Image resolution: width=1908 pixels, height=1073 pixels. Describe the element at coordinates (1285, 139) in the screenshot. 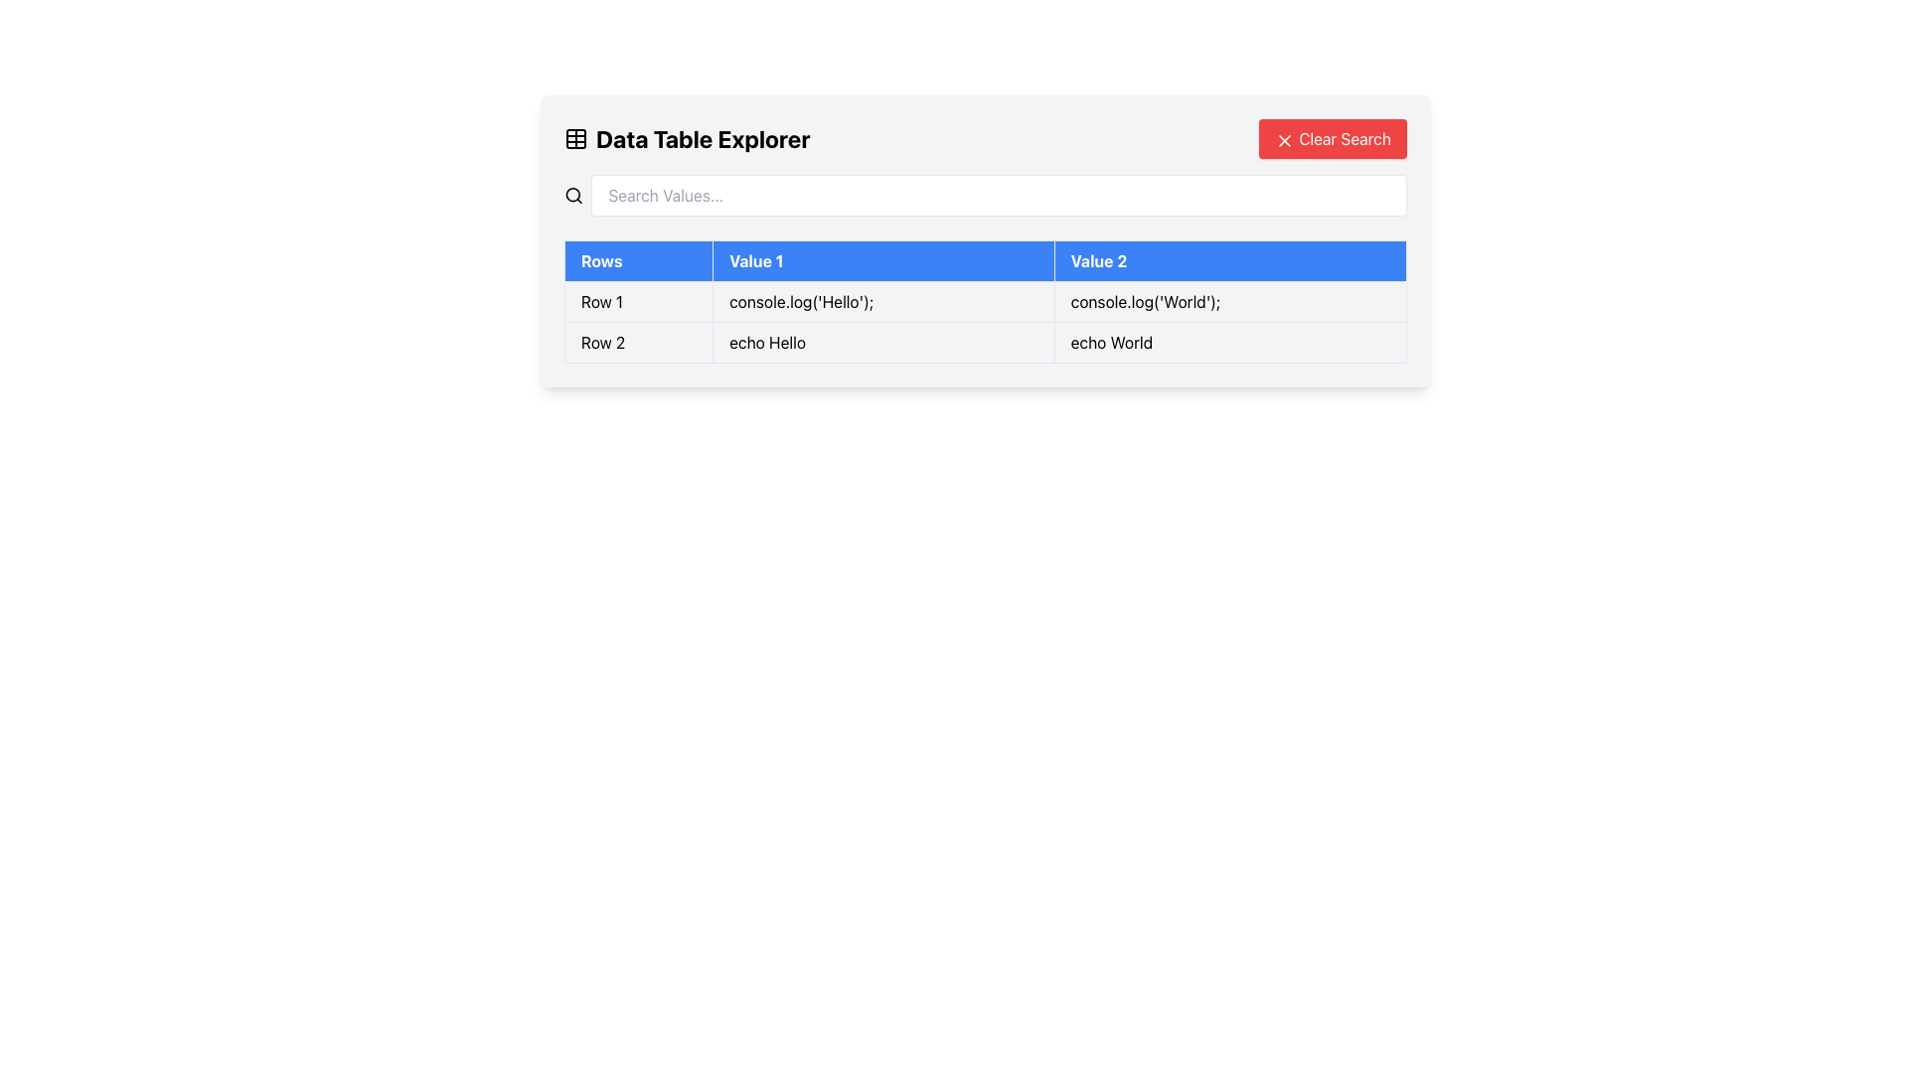

I see `the Close (X) icon located on the leftmost side of the 'Clear Search' button in the top-right corner of the interface` at that location.